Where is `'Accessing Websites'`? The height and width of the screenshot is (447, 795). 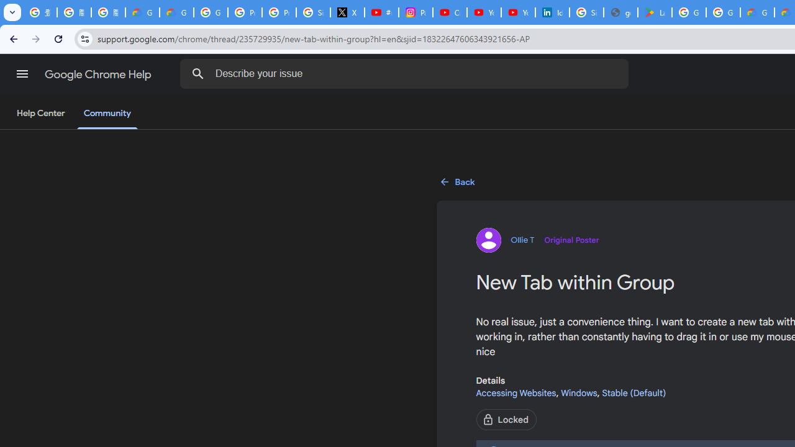
'Accessing Websites' is located at coordinates (516, 392).